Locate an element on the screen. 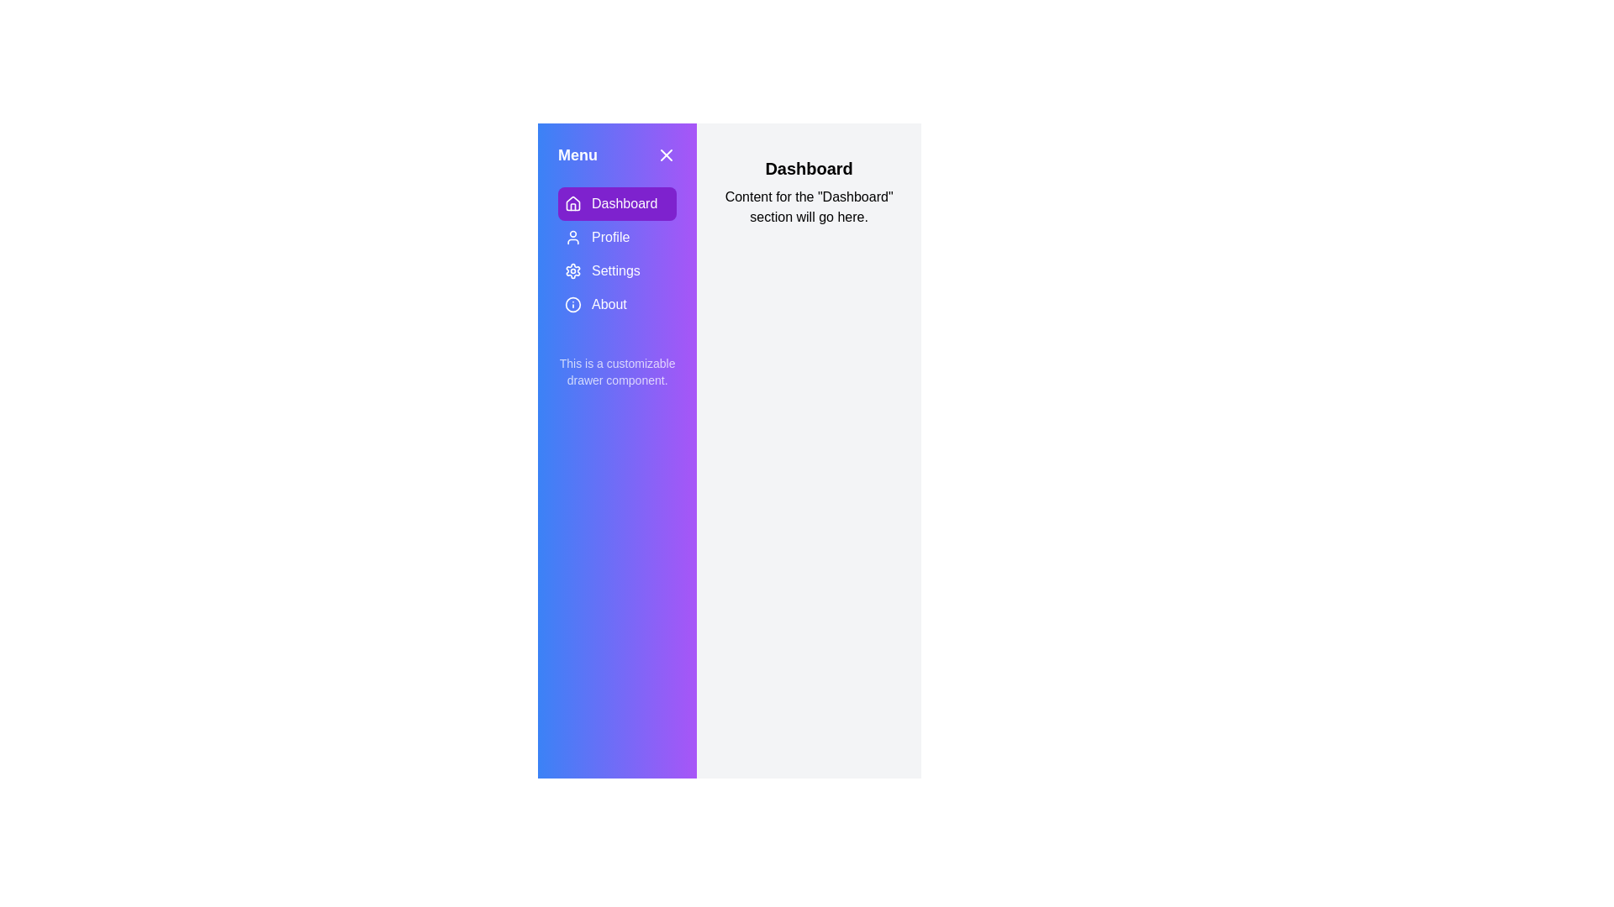  the Settings section in the menu is located at coordinates (616, 270).